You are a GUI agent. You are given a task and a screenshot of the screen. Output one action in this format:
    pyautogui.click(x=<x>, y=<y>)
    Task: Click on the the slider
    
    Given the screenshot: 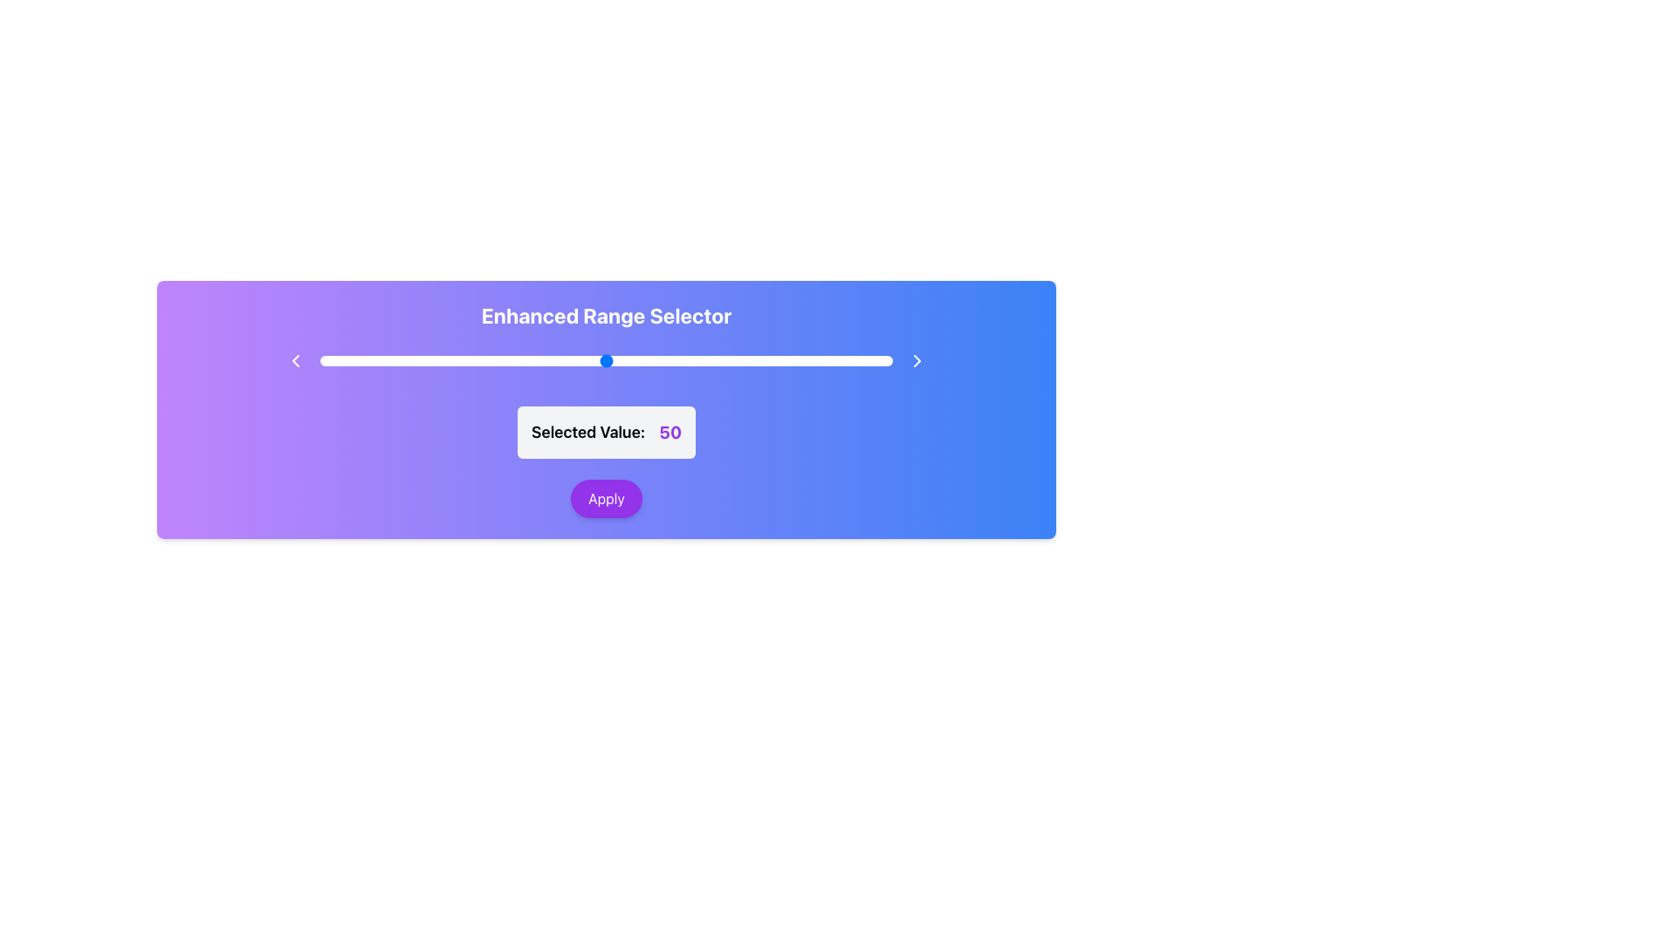 What is the action you would take?
    pyautogui.click(x=823, y=359)
    